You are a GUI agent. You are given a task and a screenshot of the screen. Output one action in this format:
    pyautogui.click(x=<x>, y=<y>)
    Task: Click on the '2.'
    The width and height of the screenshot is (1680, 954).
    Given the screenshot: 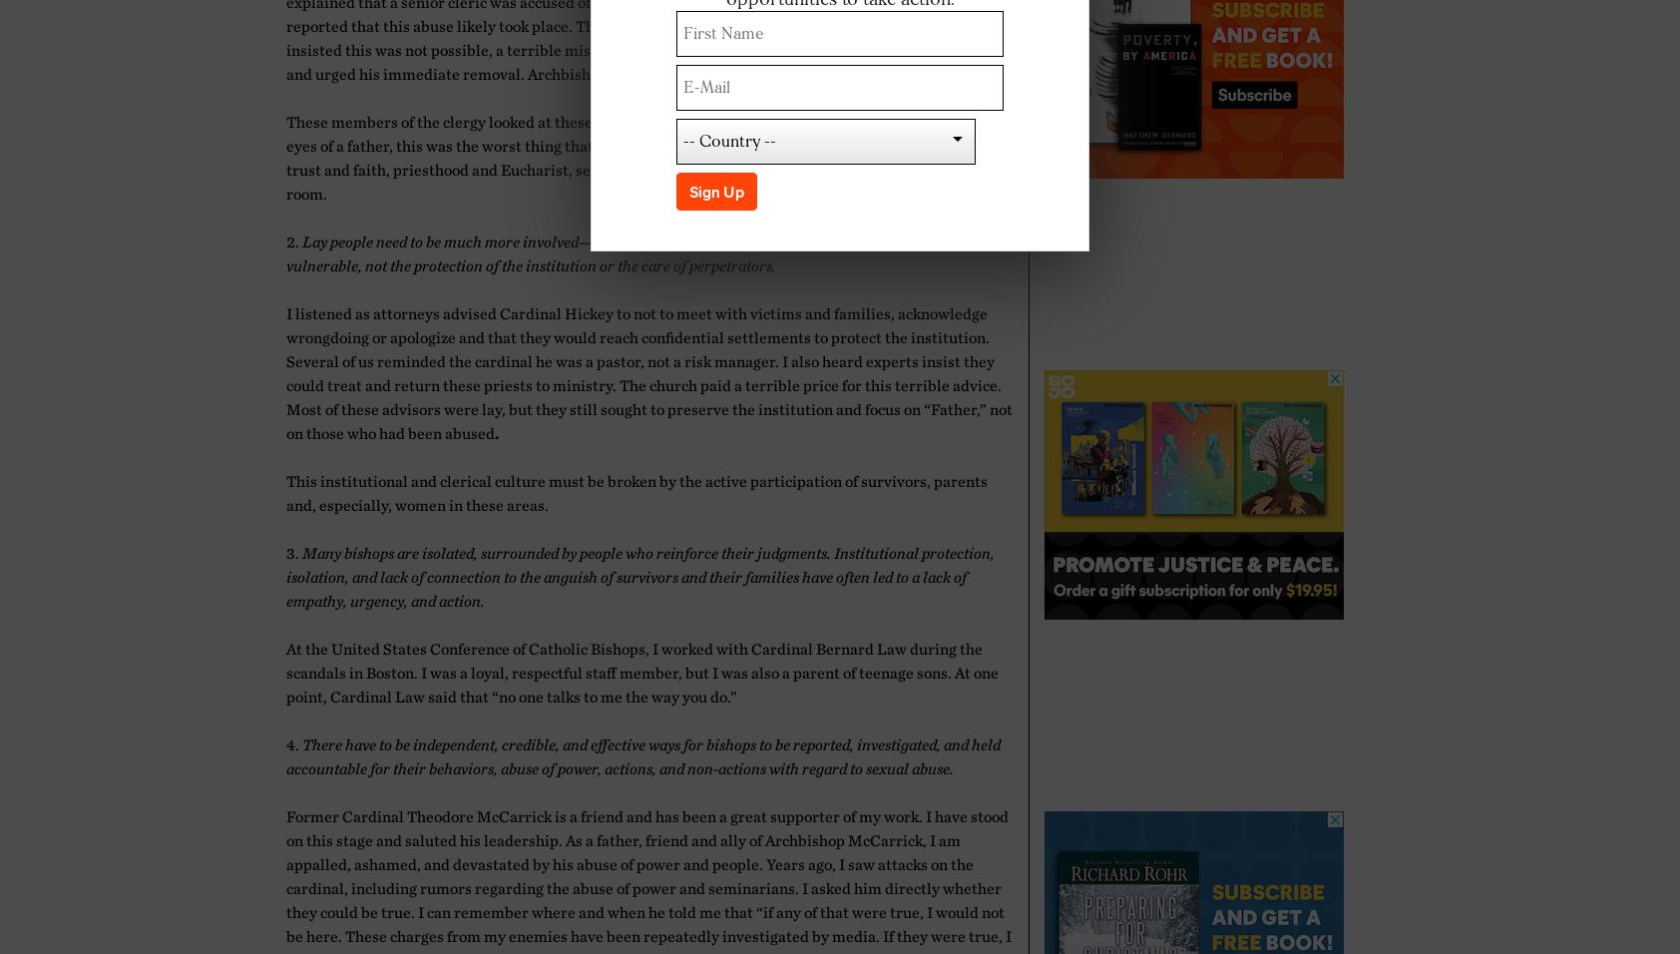 What is the action you would take?
    pyautogui.click(x=285, y=239)
    